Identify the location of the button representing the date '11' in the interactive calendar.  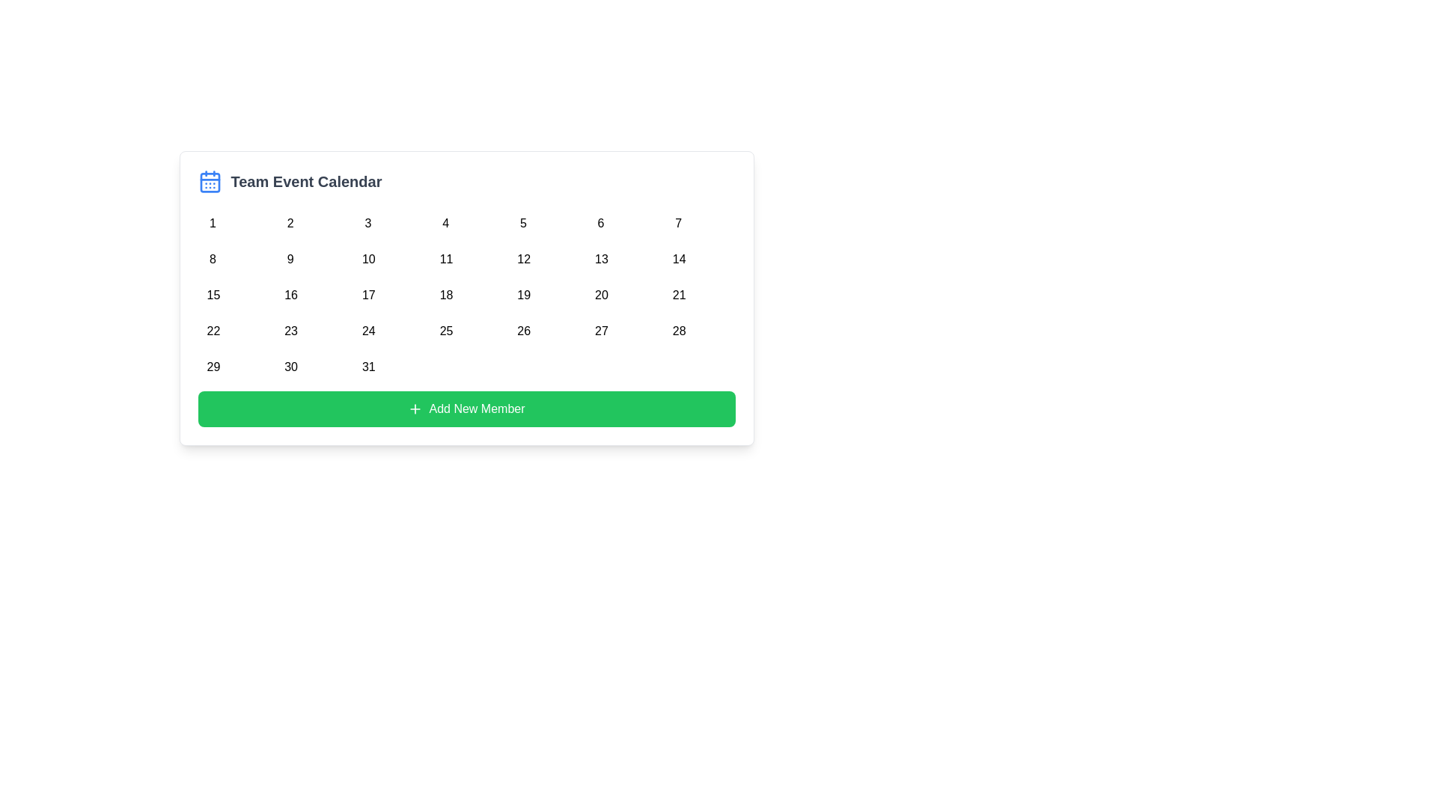
(445, 256).